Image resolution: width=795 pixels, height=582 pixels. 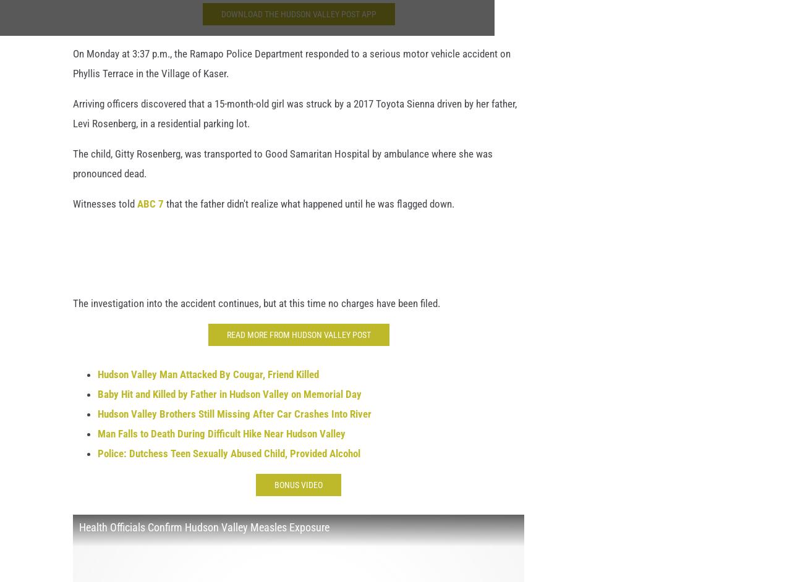 I want to click on 'Download the Hudson Valley Post App', so click(x=297, y=21).